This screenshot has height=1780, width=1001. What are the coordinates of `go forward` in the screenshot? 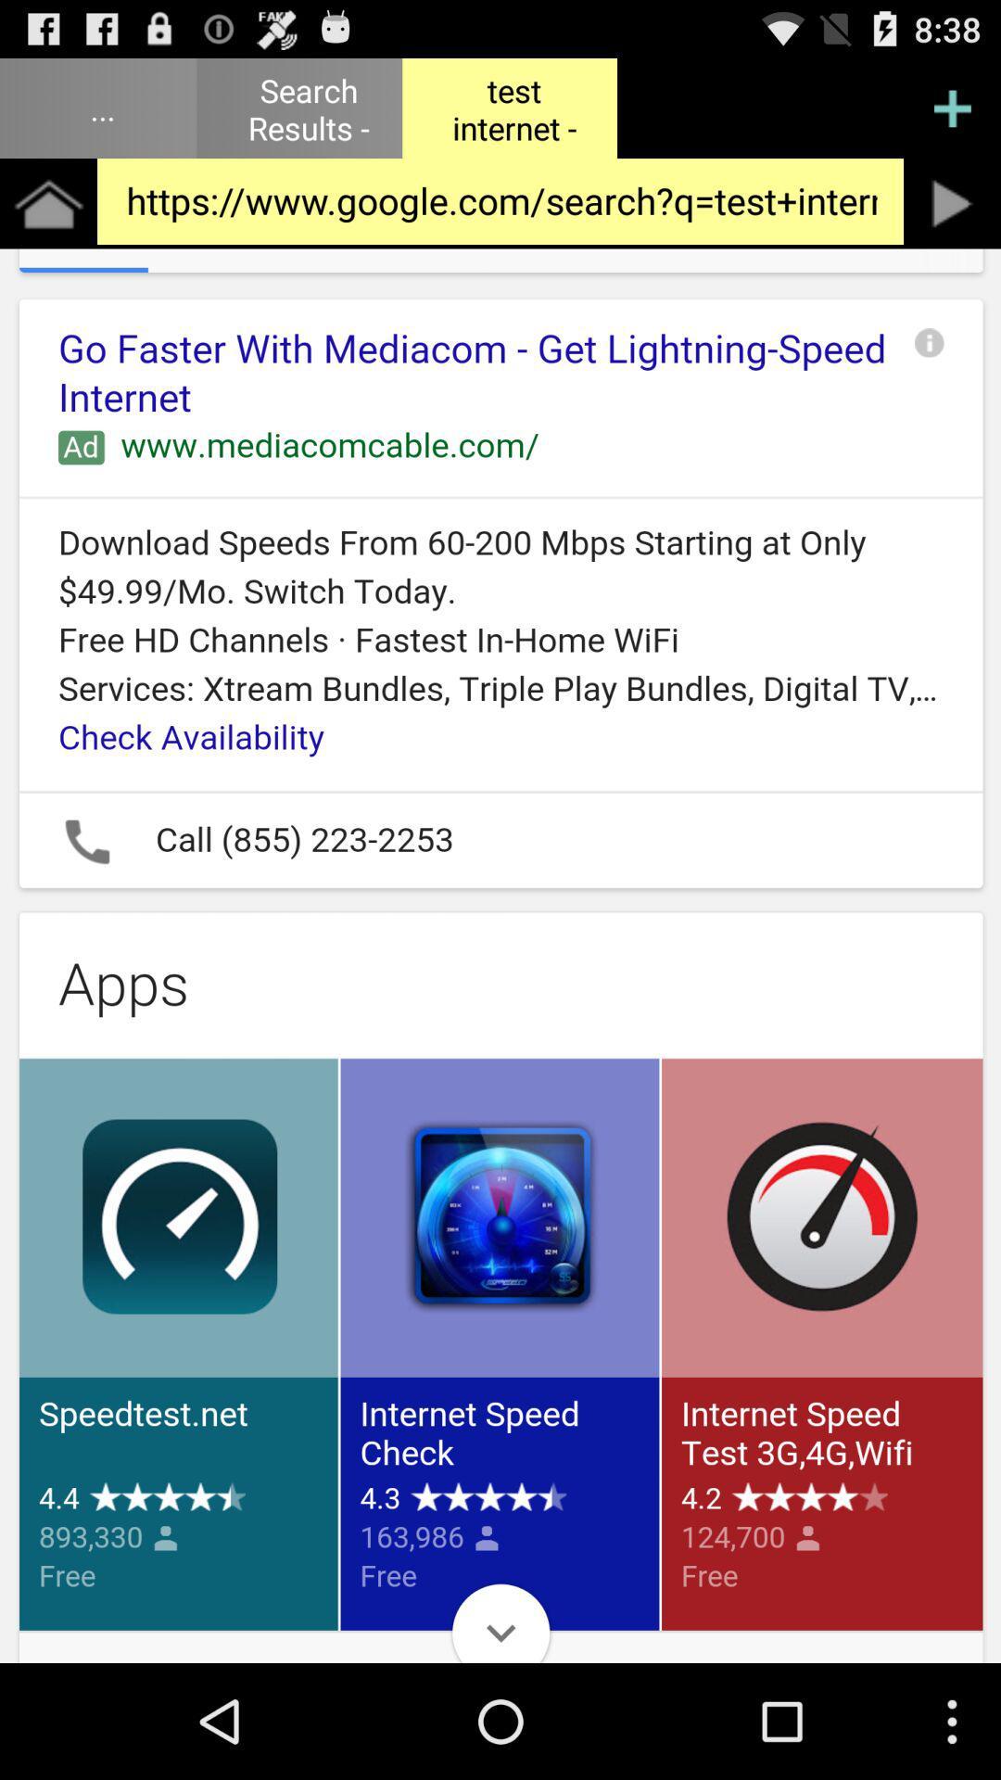 It's located at (952, 203).